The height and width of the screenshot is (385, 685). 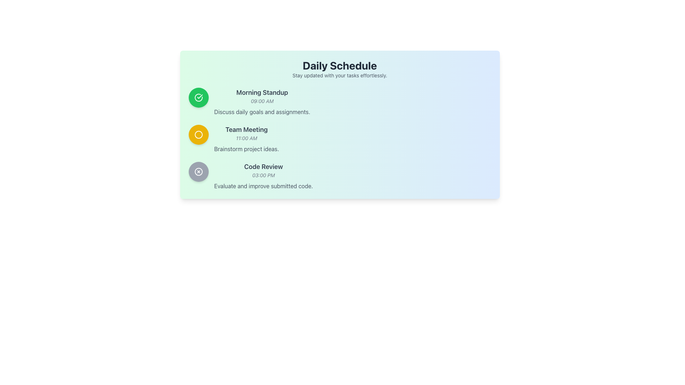 What do you see at coordinates (198, 135) in the screenshot?
I see `the SVG Circle Graphic representing the 'Team Meeting' event, which is the second circular icon in a vertical stack of three icons, visually aligned to the left of the event's text description` at bounding box center [198, 135].